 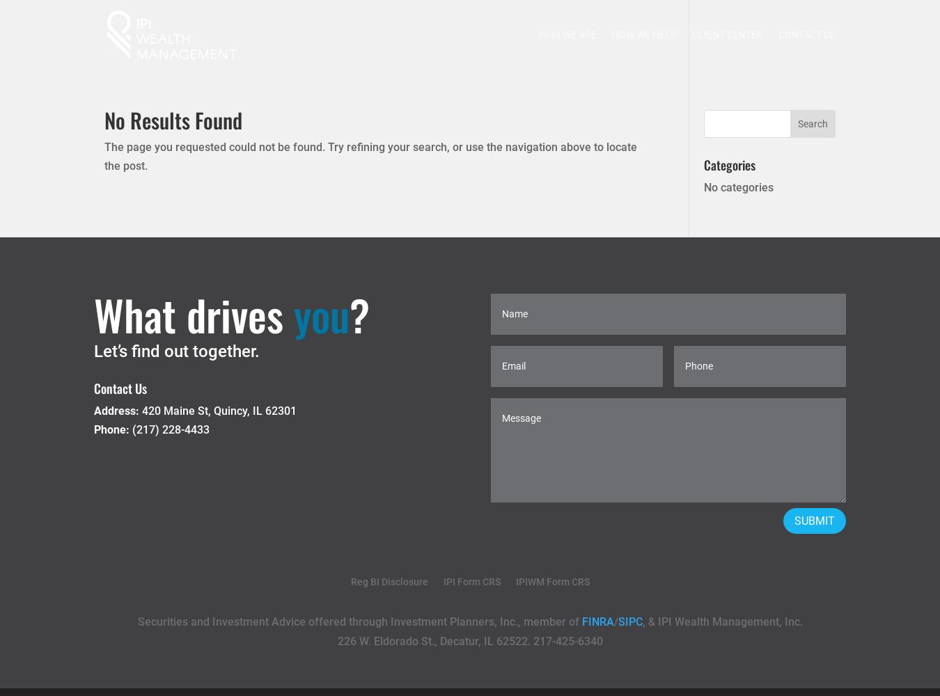 What do you see at coordinates (111, 429) in the screenshot?
I see `'Phone:'` at bounding box center [111, 429].